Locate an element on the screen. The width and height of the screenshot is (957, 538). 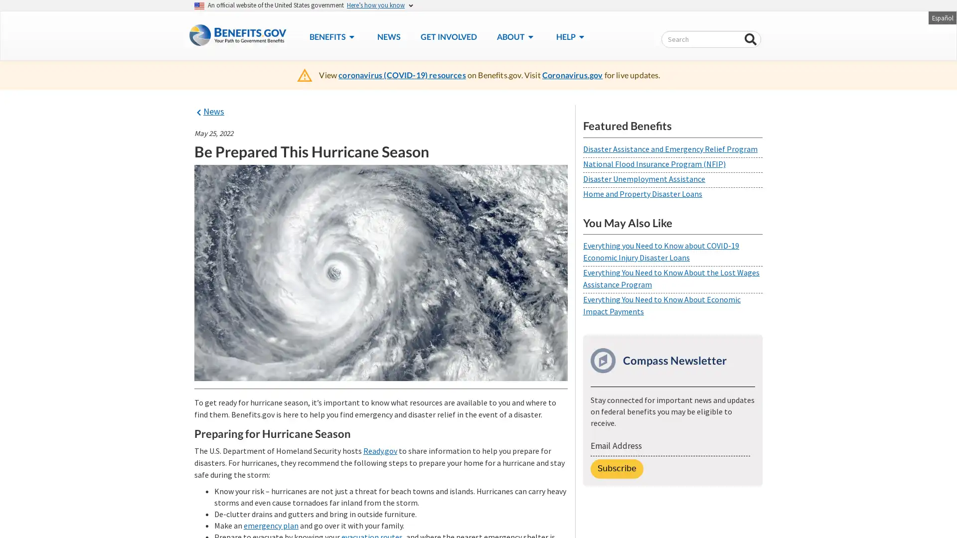
Espanol is located at coordinates (942, 17).